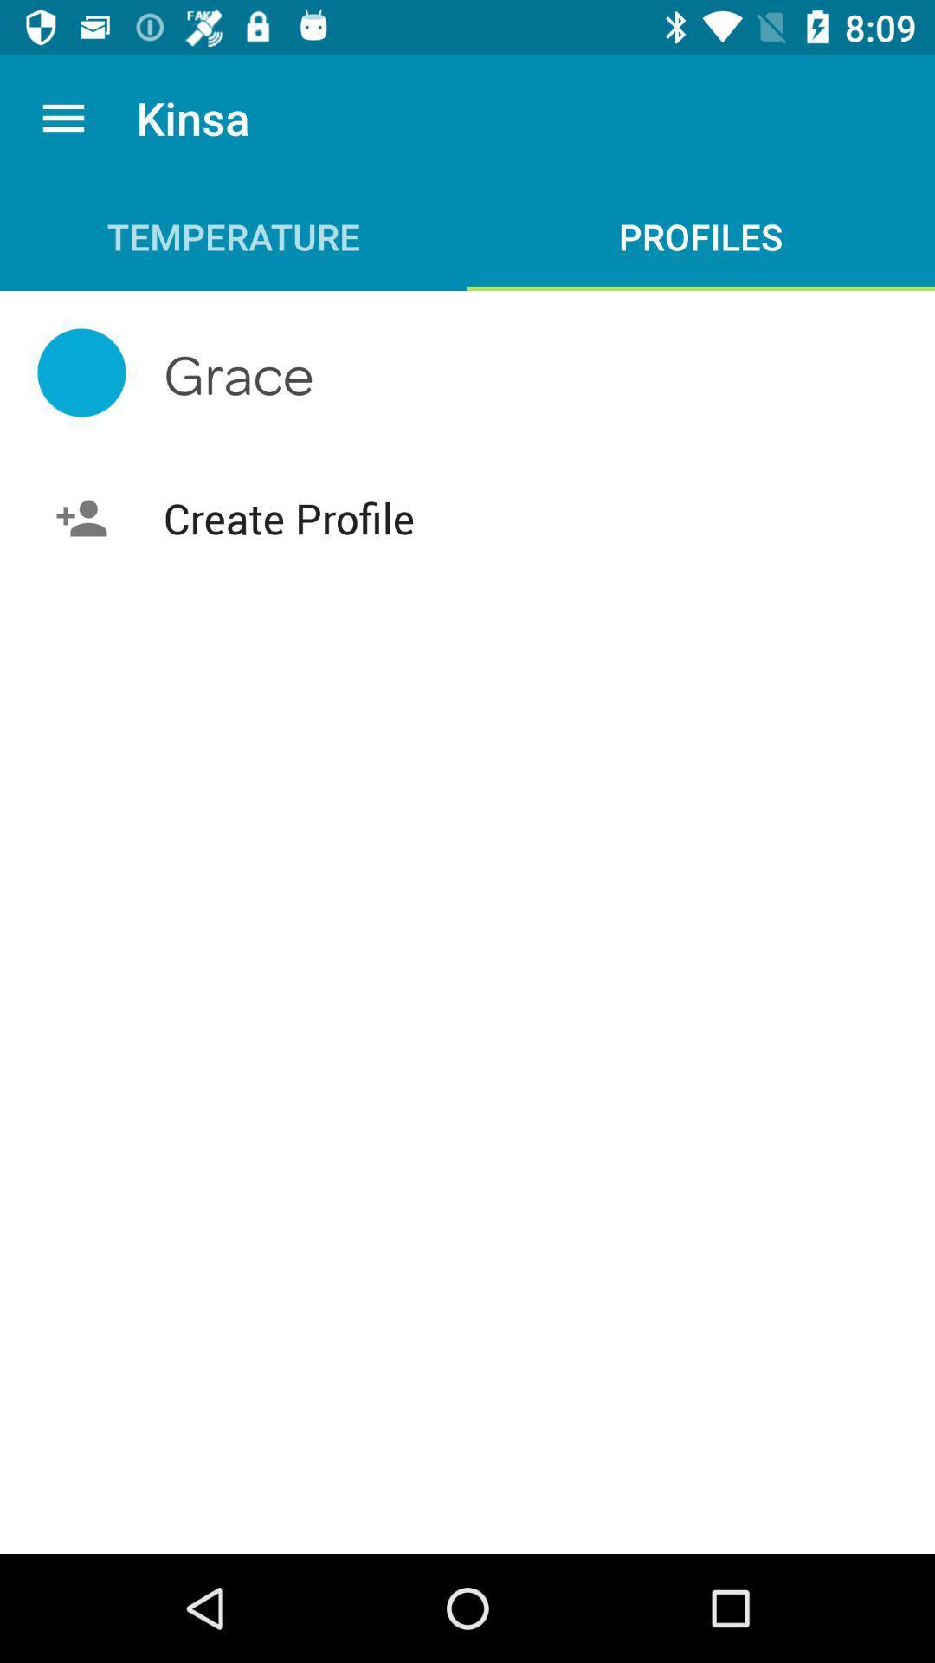  I want to click on the icon above temperature icon, so click(62, 117).